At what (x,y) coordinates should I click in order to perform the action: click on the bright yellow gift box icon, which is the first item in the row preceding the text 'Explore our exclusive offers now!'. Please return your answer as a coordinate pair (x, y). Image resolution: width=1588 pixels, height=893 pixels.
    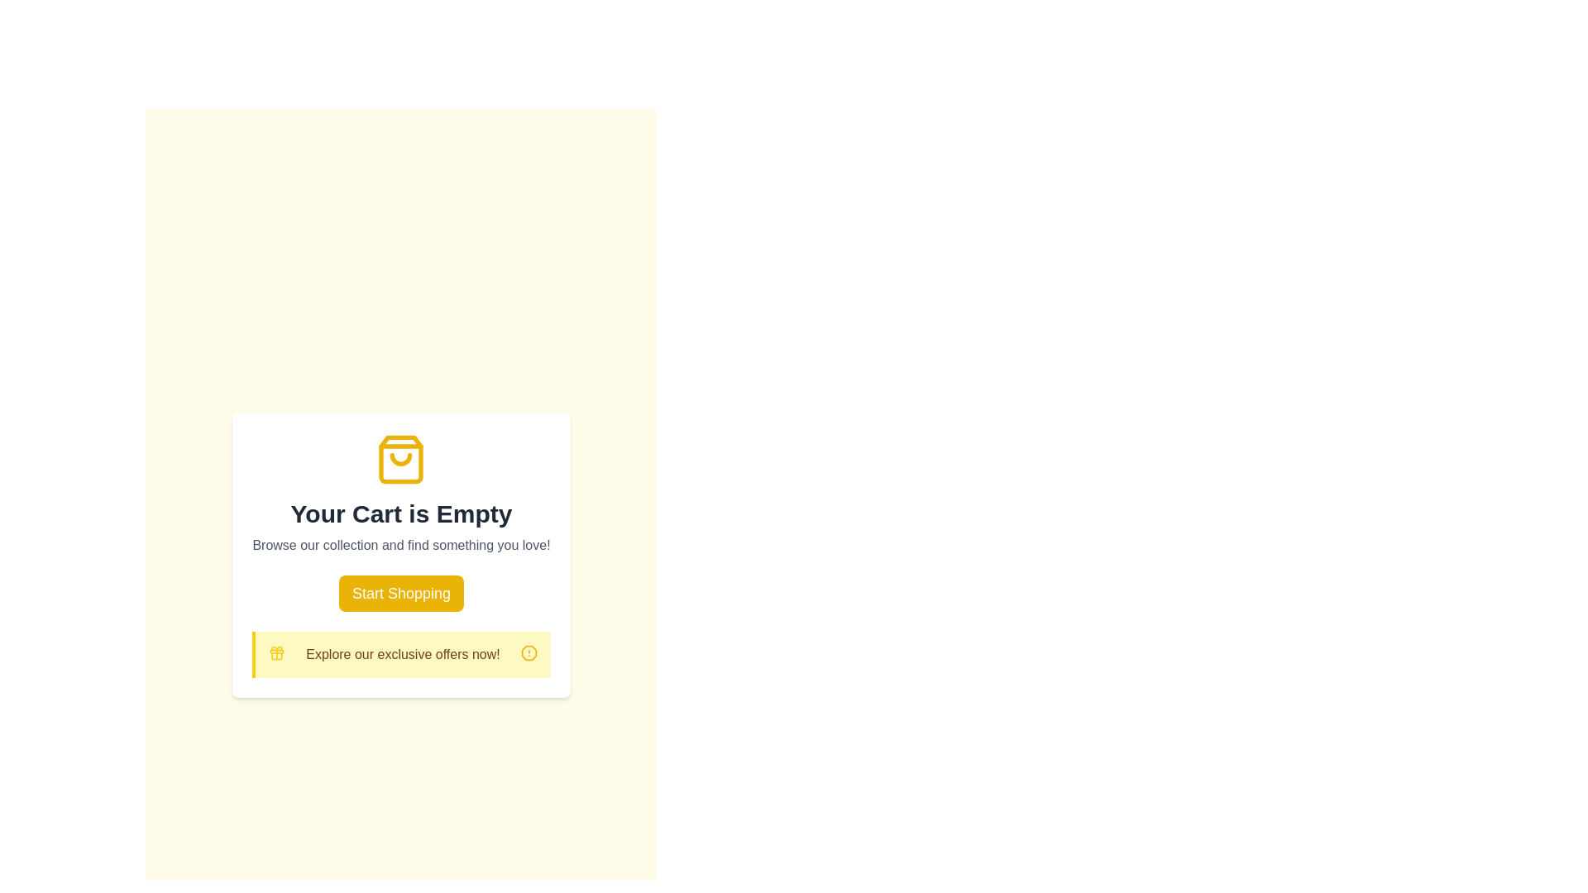
    Looking at the image, I should click on (277, 652).